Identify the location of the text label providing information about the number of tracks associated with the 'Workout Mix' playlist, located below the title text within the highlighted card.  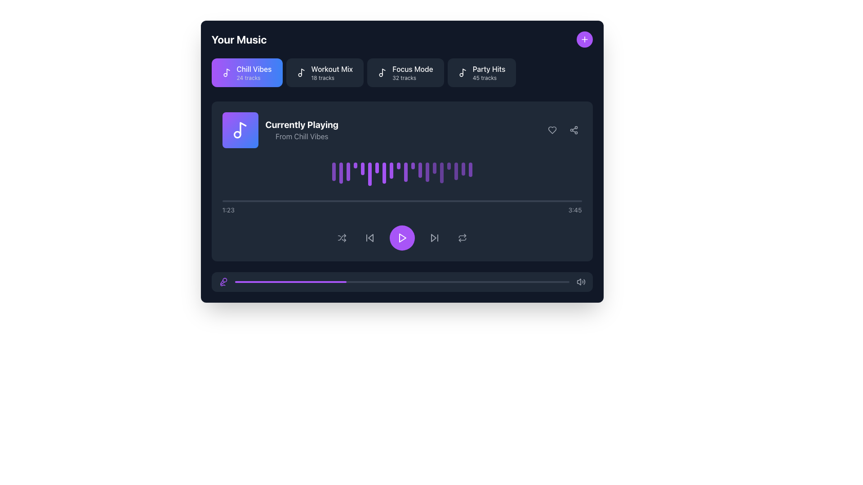
(323, 77).